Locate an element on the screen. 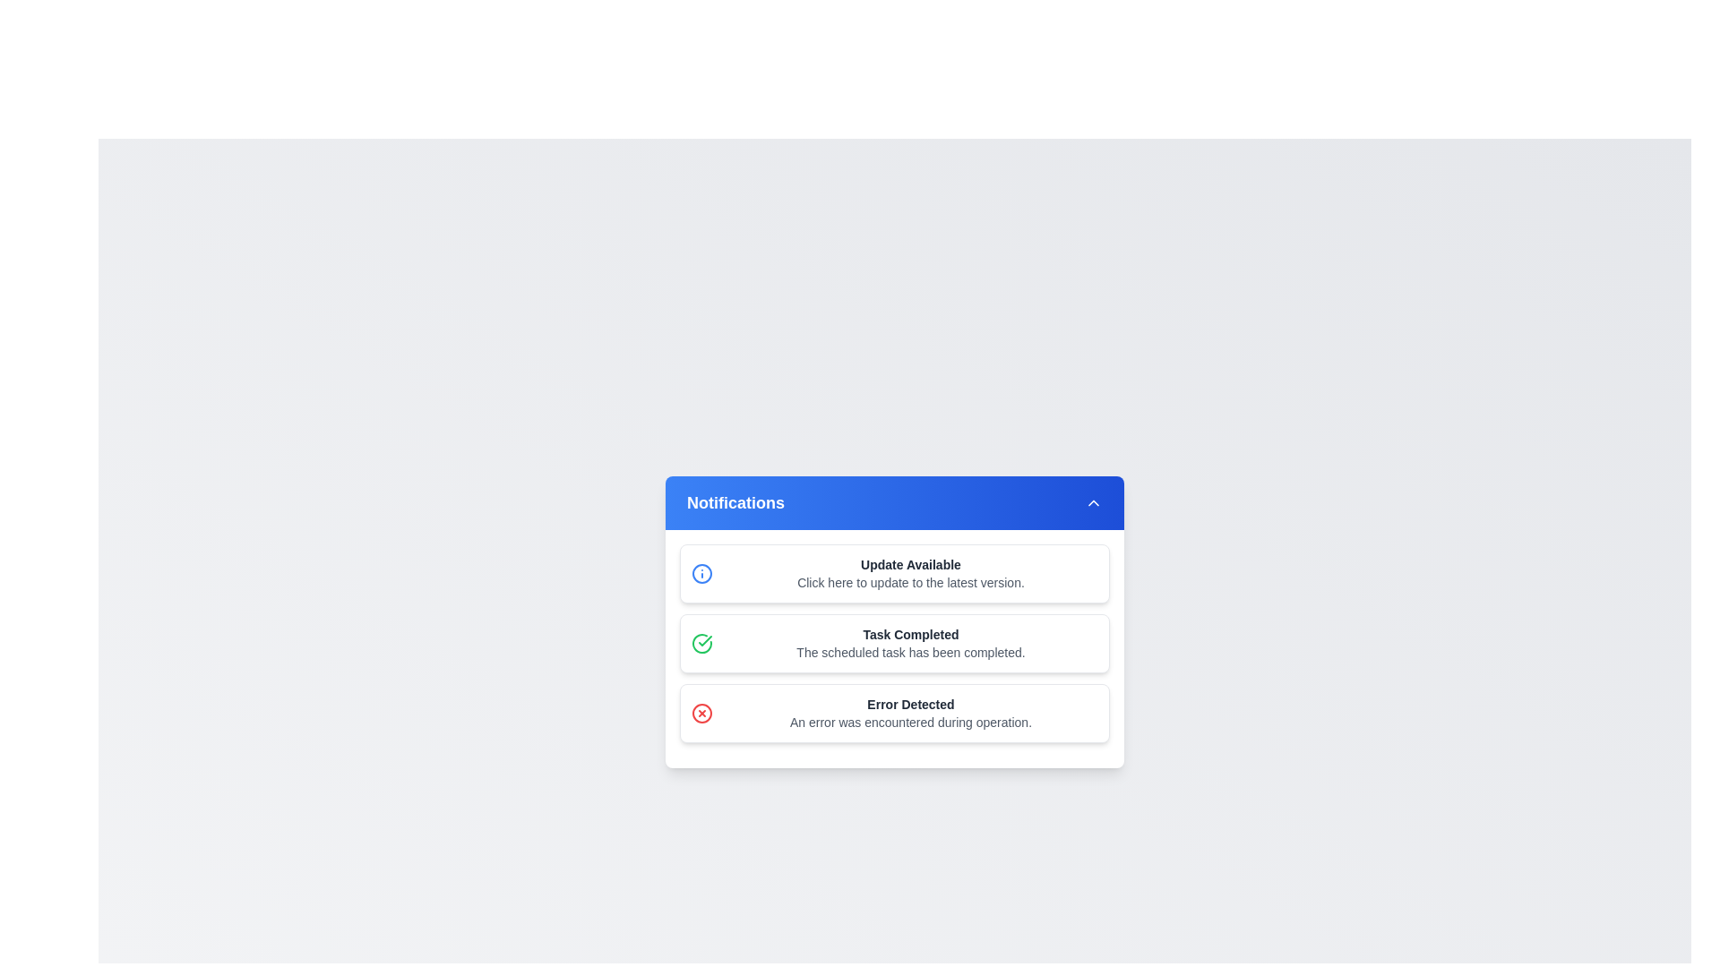 The image size is (1720, 967). the Text Label that provides contextual information for the 'Task Completed' notification, located directly below the headline text is located at coordinates (911, 653).